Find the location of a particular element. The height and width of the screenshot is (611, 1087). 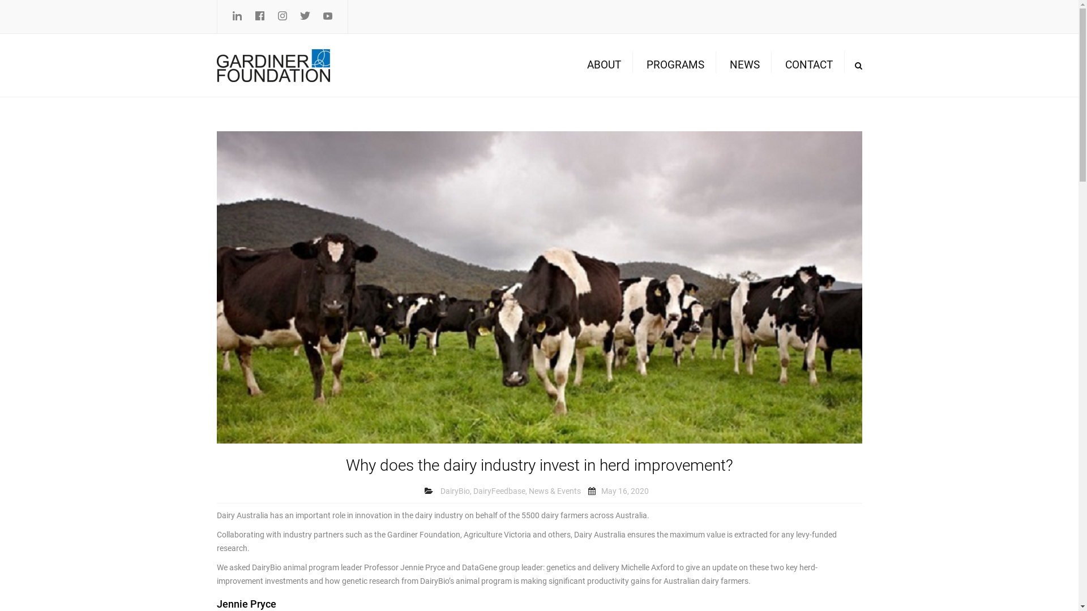

'DairyBio' is located at coordinates (455, 490).